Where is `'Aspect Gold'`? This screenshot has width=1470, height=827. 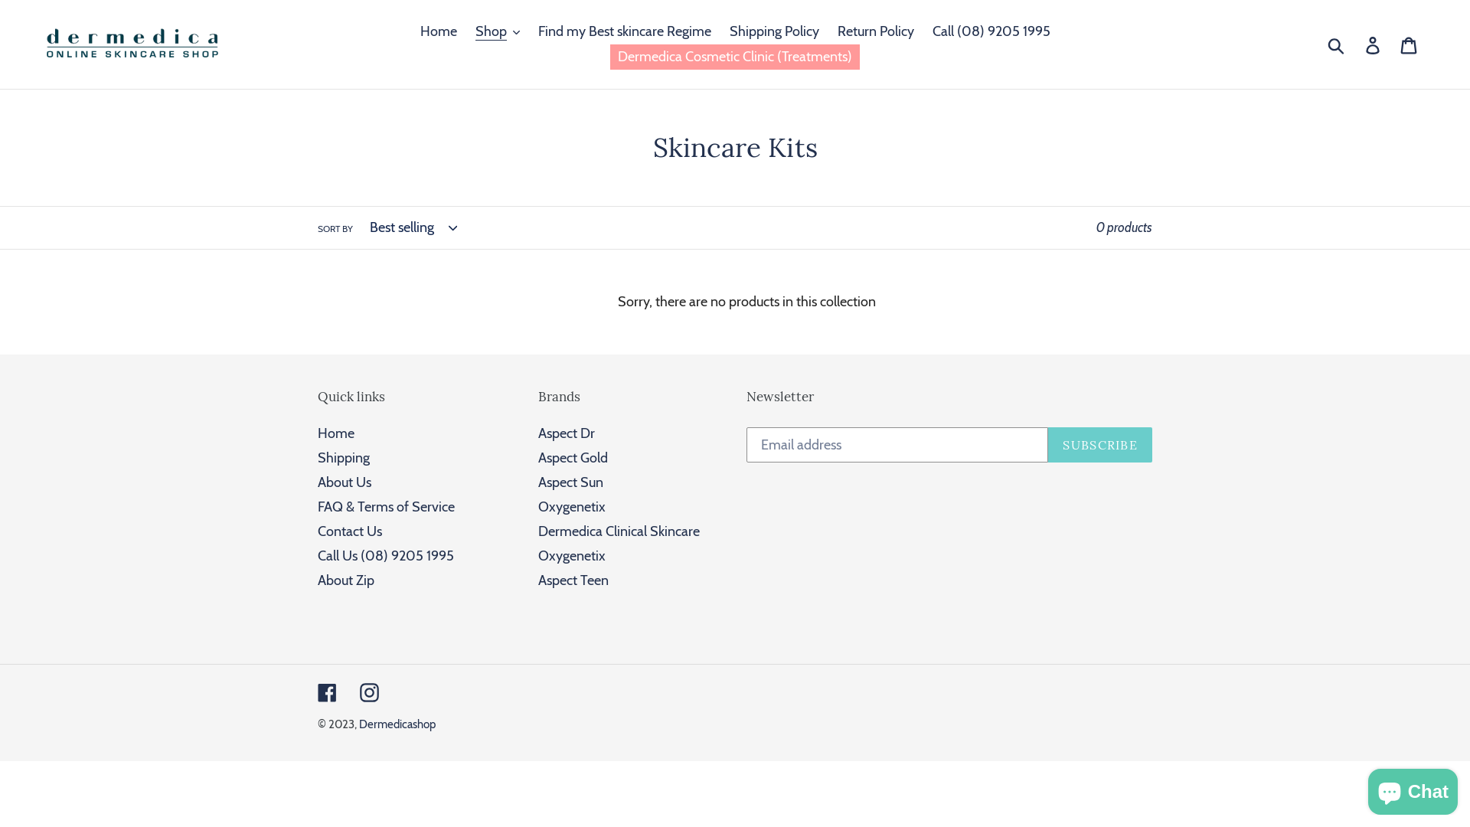
'Aspect Gold' is located at coordinates (537, 456).